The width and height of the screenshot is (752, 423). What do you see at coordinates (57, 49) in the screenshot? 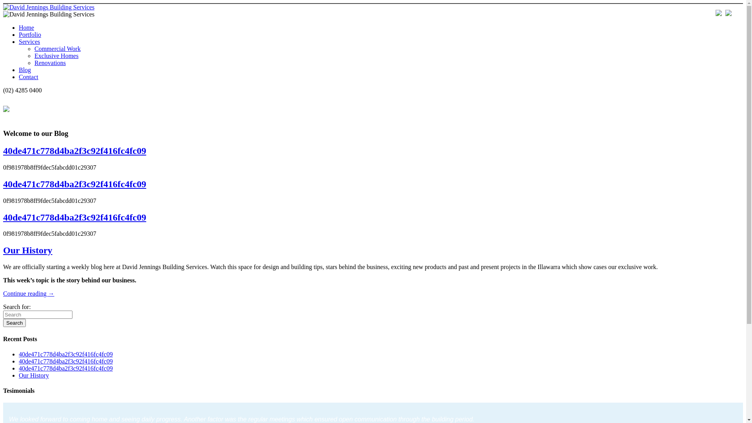
I see `'Commercial Work'` at bounding box center [57, 49].